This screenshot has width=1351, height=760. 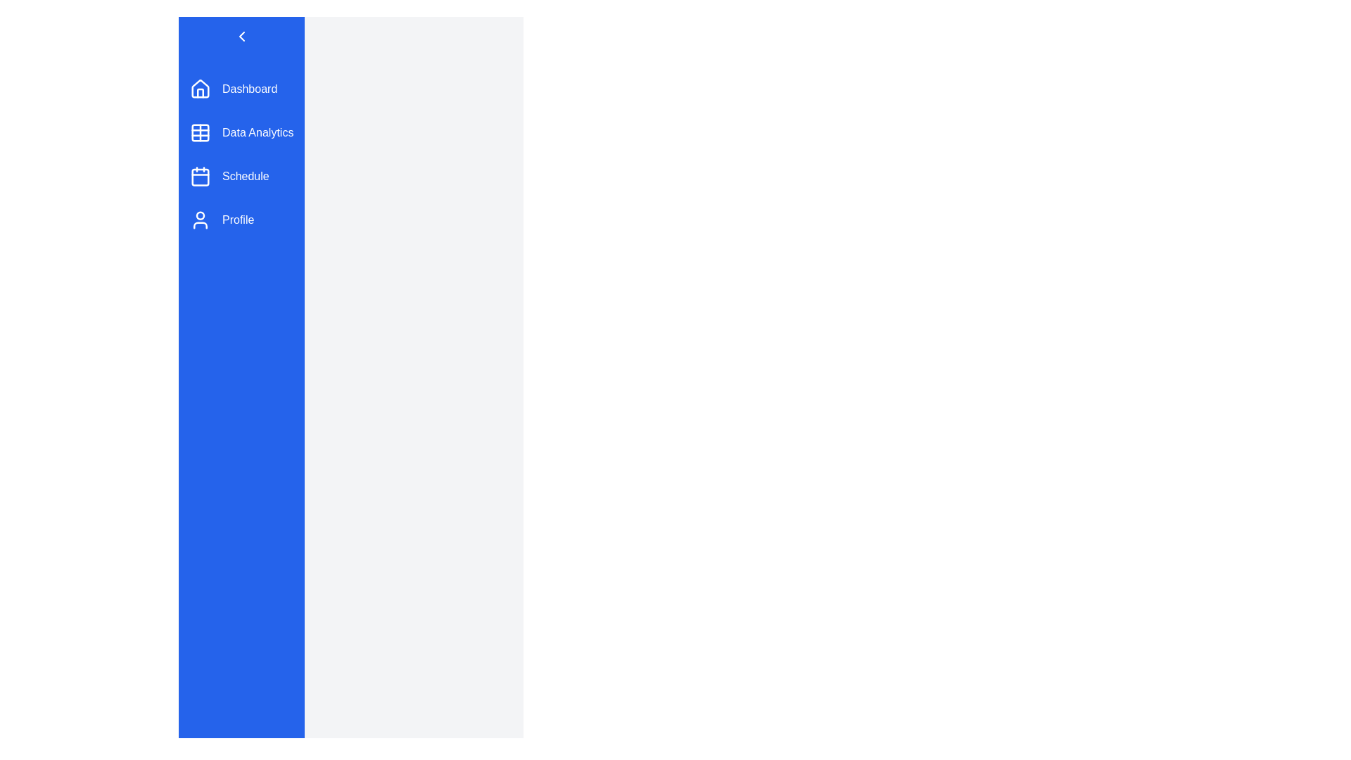 I want to click on the menu item labeled 'Profile' to trigger its hover effect, so click(x=241, y=220).